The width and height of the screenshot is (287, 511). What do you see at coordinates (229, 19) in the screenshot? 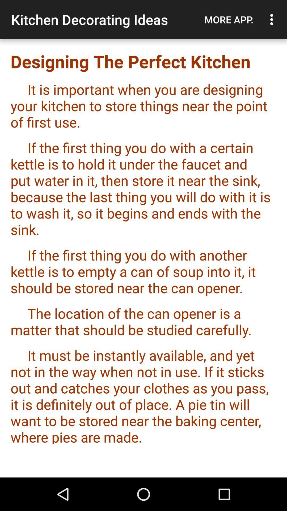
I see `the more app. icon` at bounding box center [229, 19].